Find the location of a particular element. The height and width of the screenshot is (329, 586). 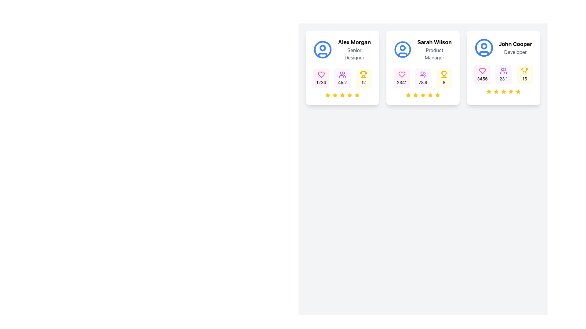

the yellow five-pointed star icon in the rating system associated with user 'John Cooper' is located at coordinates (511, 91).